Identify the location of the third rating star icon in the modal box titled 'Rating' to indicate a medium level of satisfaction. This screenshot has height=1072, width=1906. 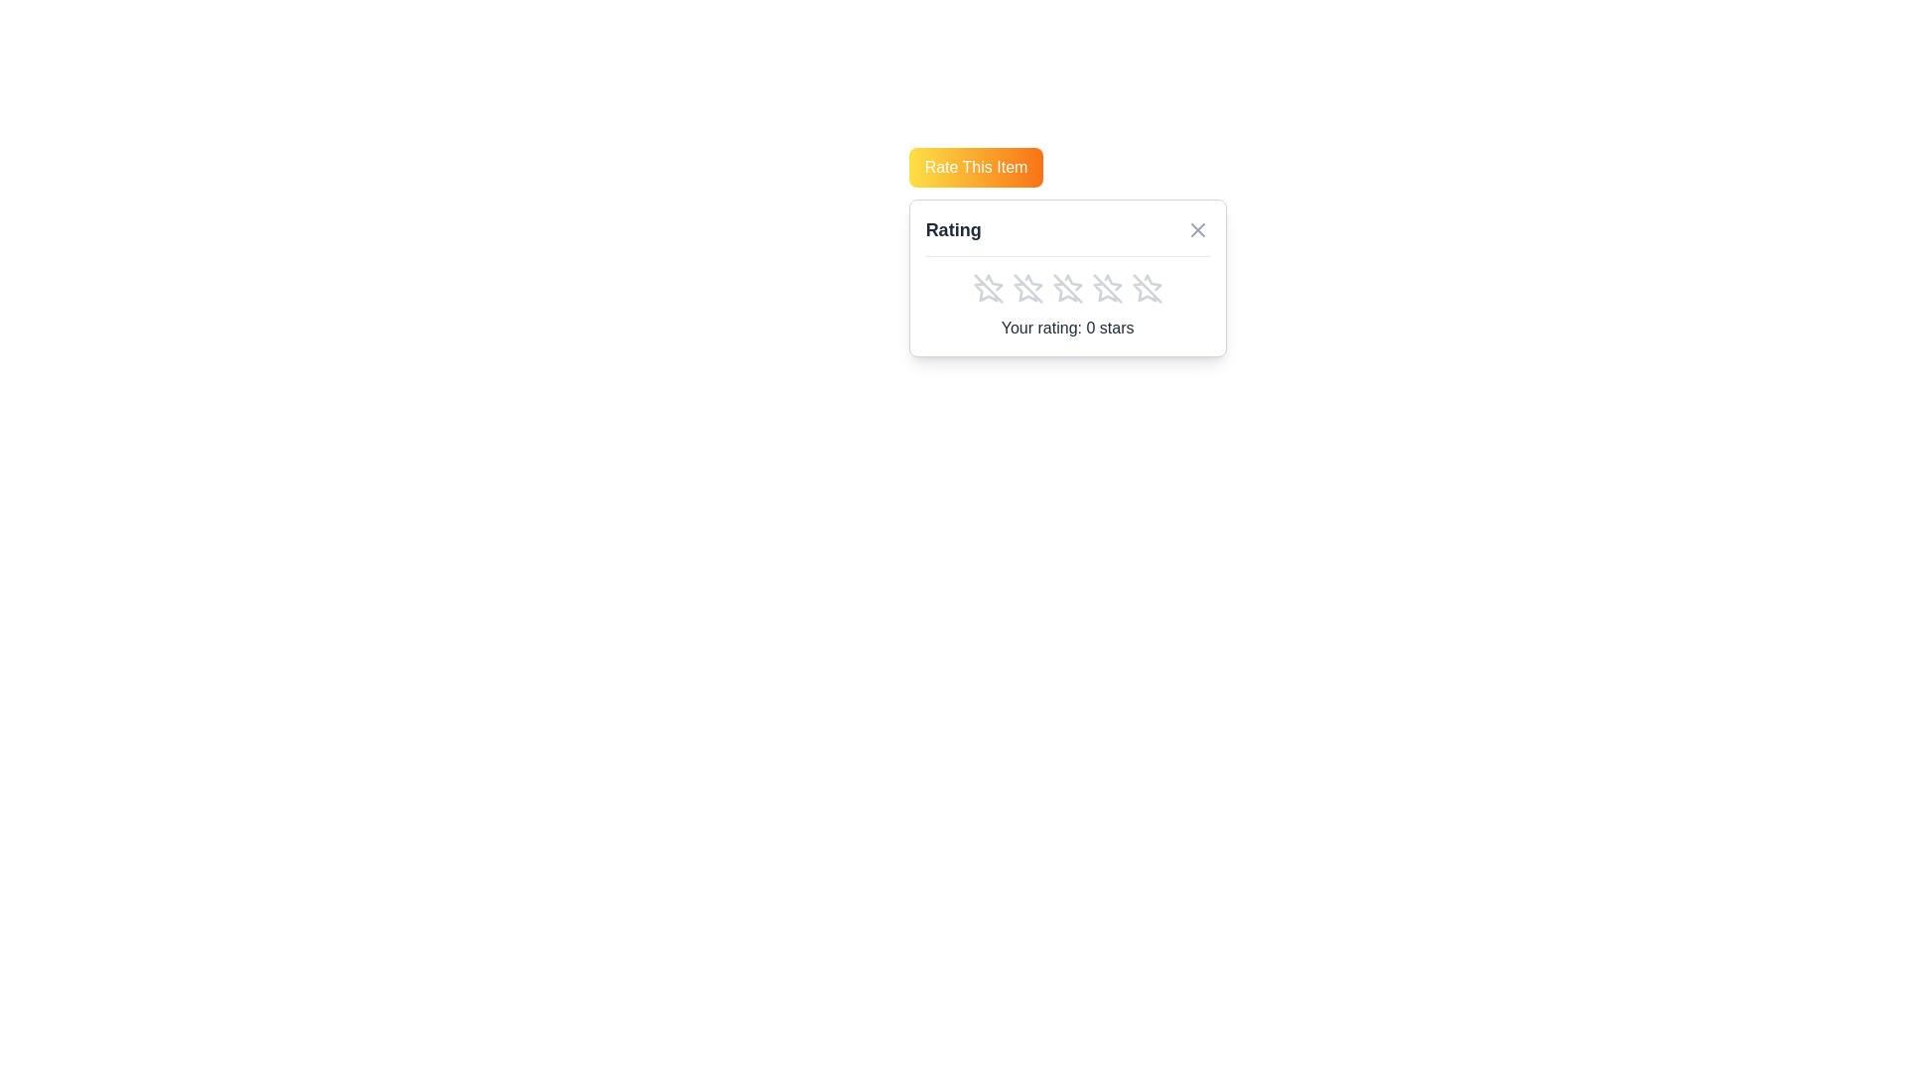
(1066, 288).